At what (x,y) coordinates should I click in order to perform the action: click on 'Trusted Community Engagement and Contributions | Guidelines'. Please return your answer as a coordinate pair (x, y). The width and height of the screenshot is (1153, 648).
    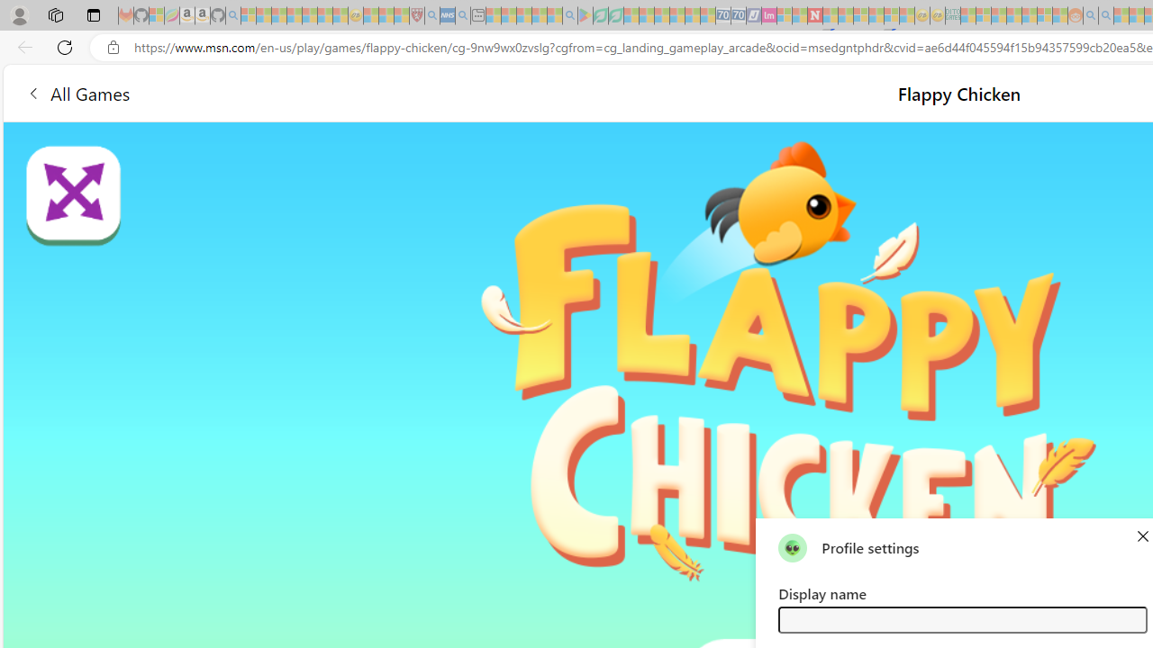
    Looking at the image, I should click on (830, 15).